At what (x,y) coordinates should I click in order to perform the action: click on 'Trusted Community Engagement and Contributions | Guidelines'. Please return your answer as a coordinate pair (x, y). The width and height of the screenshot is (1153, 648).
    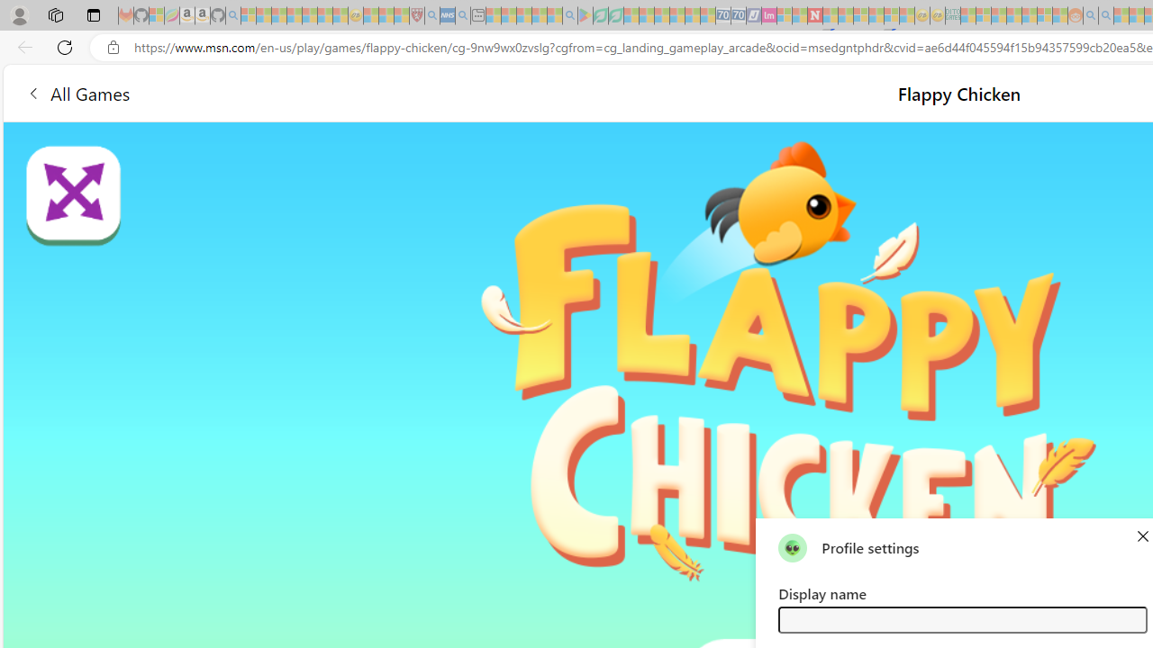
    Looking at the image, I should click on (830, 15).